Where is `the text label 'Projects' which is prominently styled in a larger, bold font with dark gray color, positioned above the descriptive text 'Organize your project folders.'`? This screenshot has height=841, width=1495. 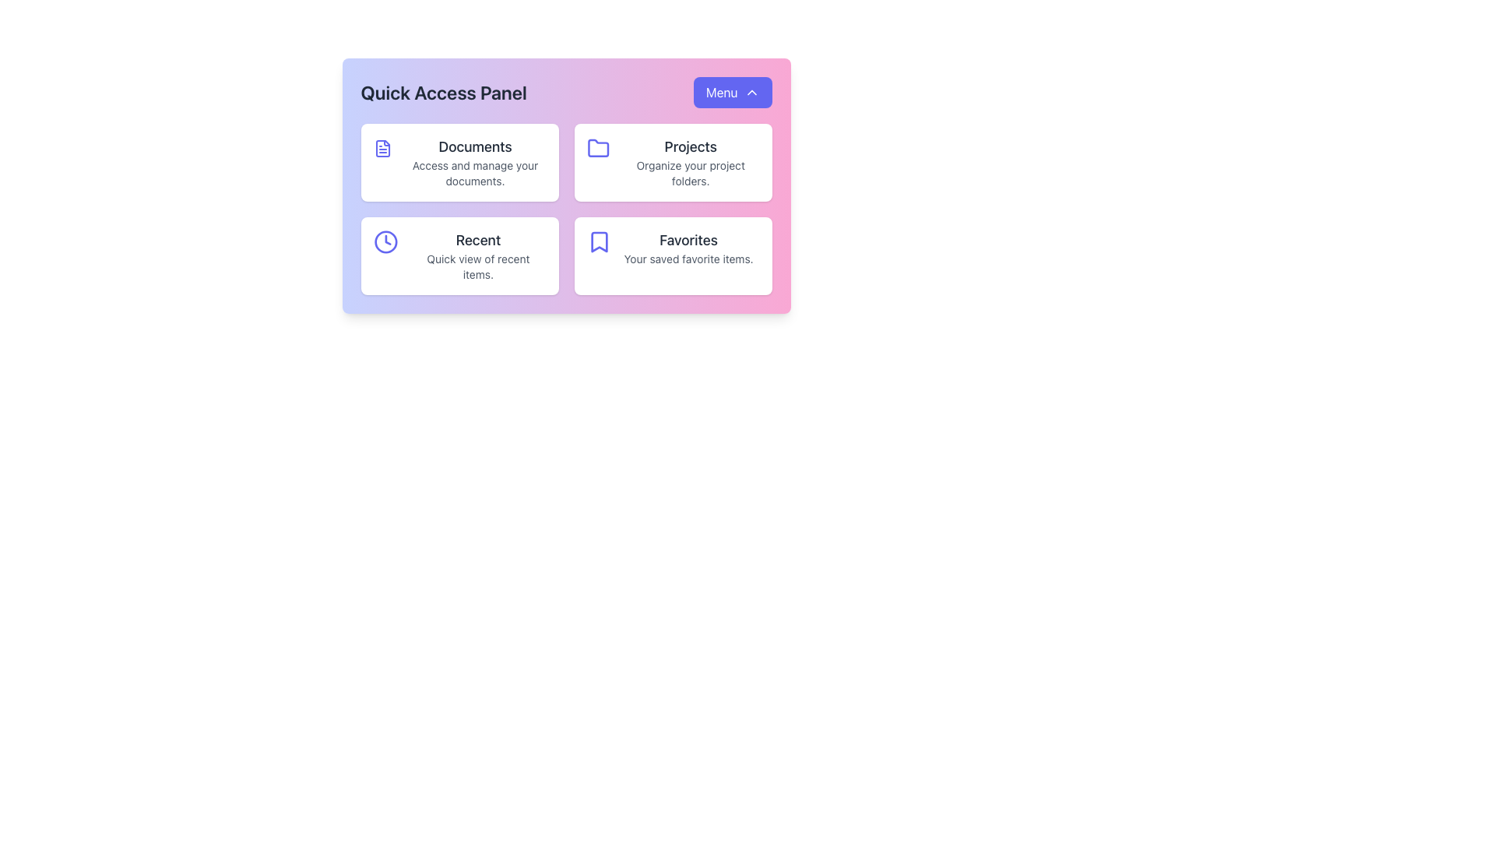 the text label 'Projects' which is prominently styled in a larger, bold font with dark gray color, positioned above the descriptive text 'Organize your project folders.' is located at coordinates (690, 147).